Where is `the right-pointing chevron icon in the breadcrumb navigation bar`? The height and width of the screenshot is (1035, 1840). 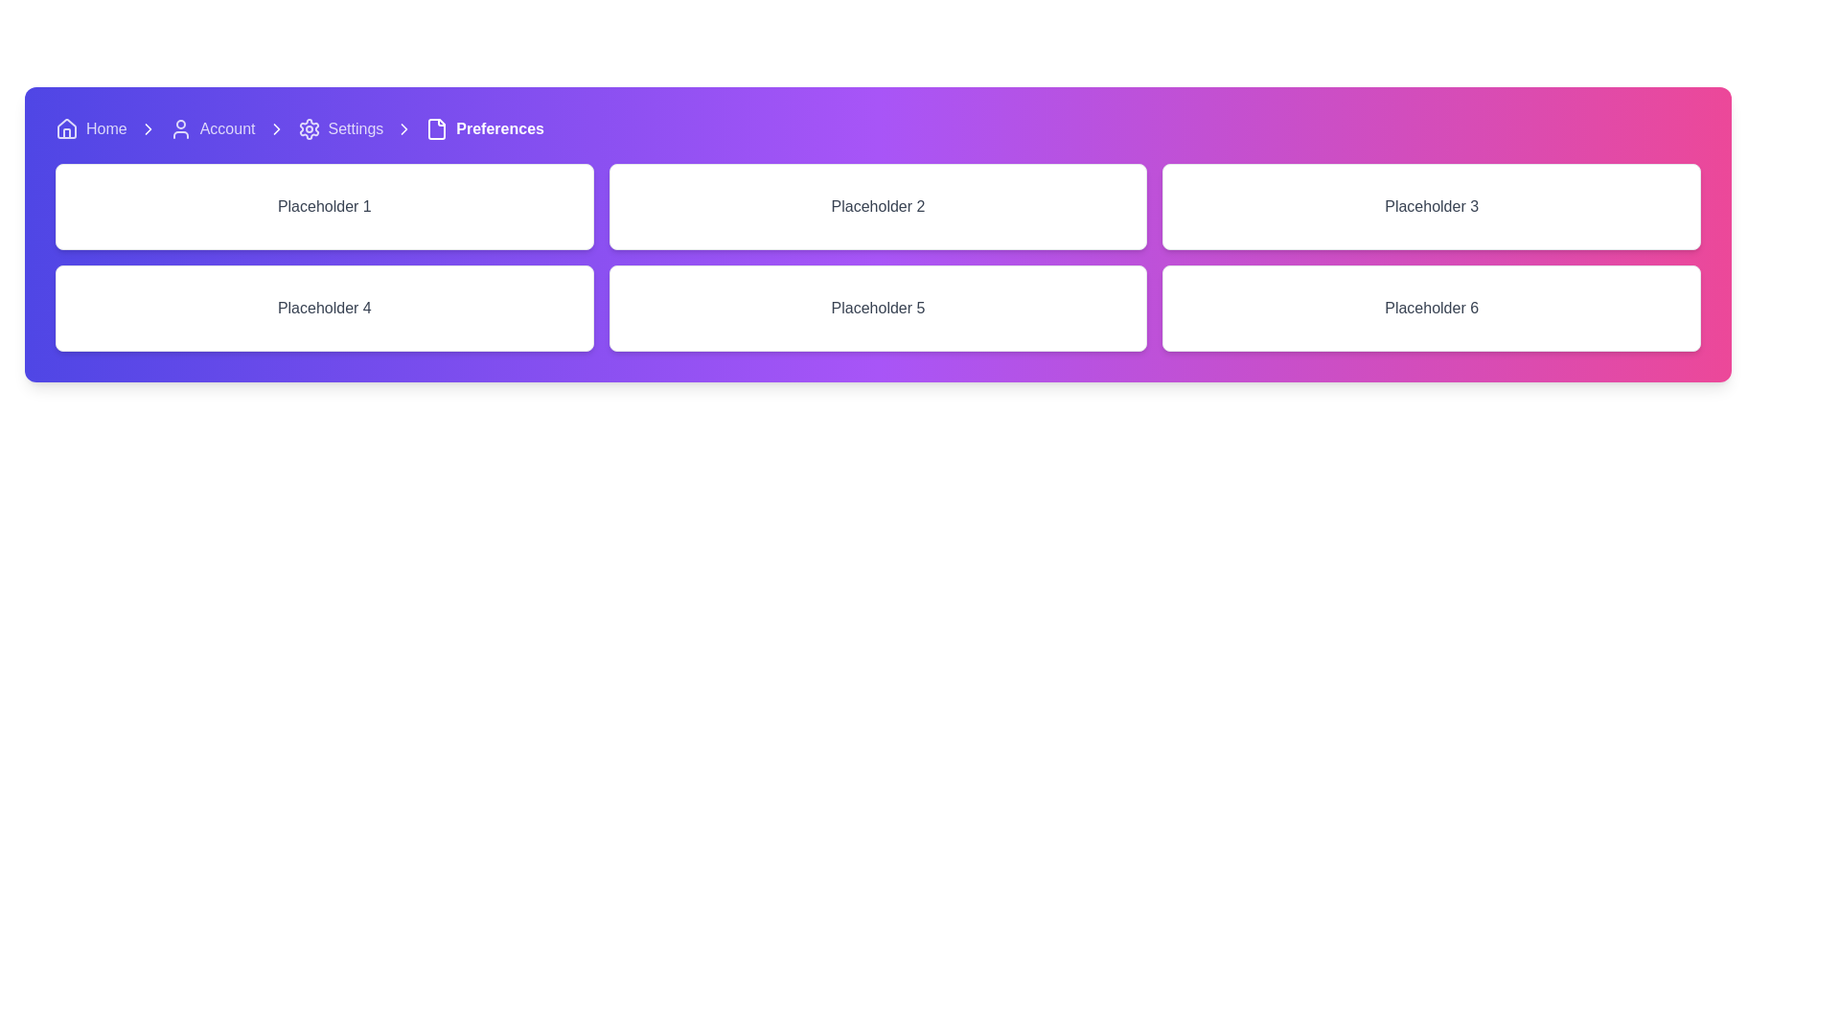
the right-pointing chevron icon in the breadcrumb navigation bar is located at coordinates (403, 129).